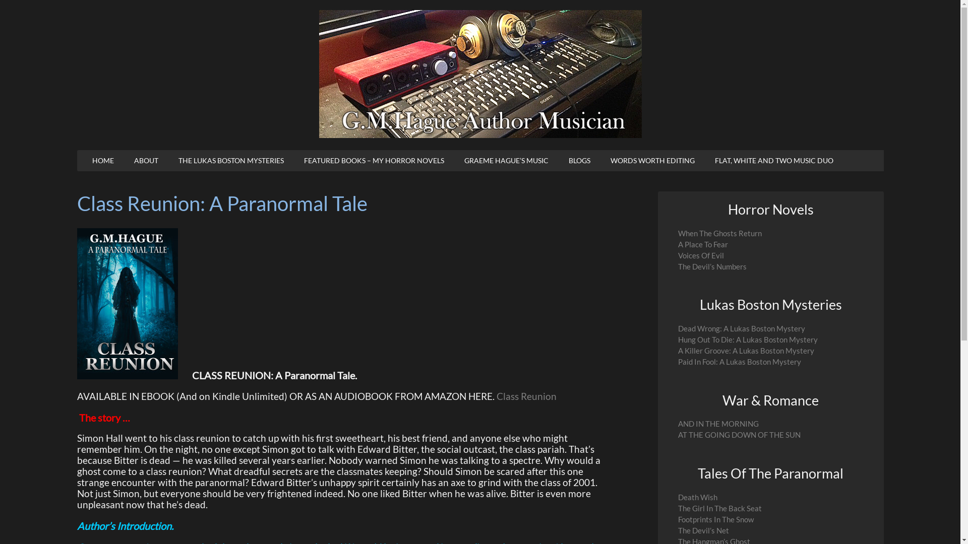 This screenshot has width=968, height=544. What do you see at coordinates (221, 203) in the screenshot?
I see `'Class Reunion: A Paranormal Tale'` at bounding box center [221, 203].